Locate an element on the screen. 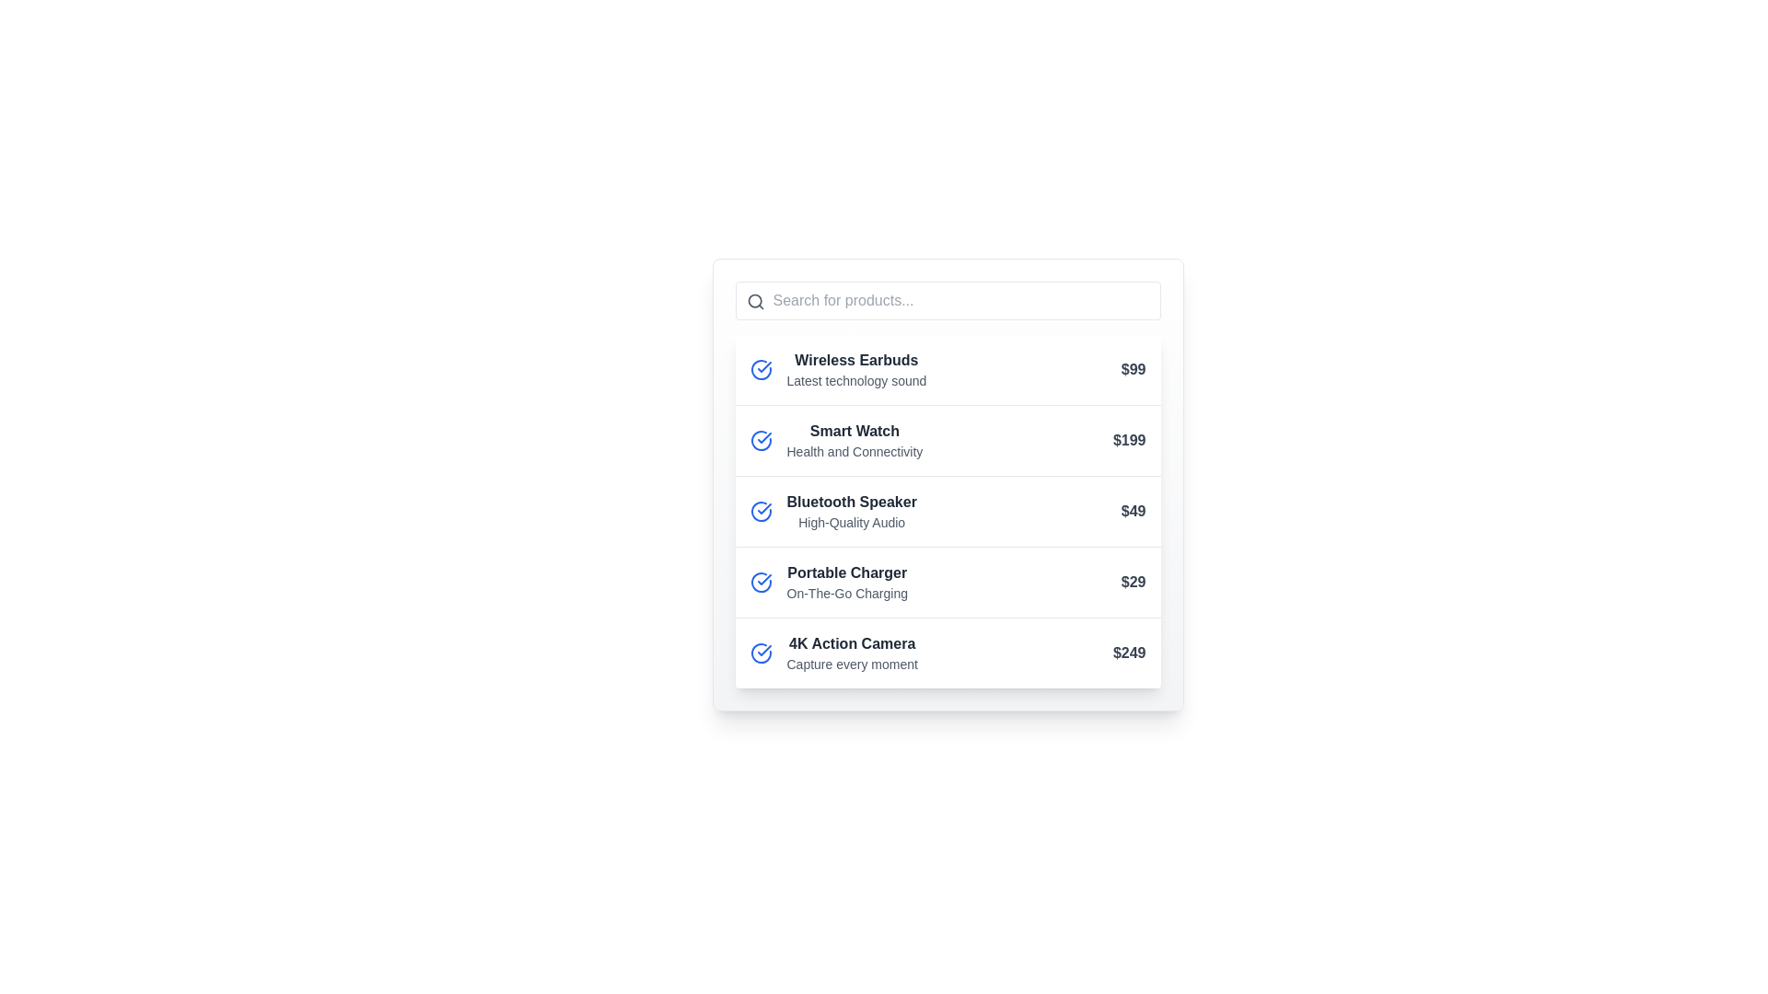 The width and height of the screenshot is (1768, 994). the decorative arc of the checkmark icon located to the left of the 'Smart Watch' text in the product list, which indicates selection or validation is located at coordinates (761, 440).